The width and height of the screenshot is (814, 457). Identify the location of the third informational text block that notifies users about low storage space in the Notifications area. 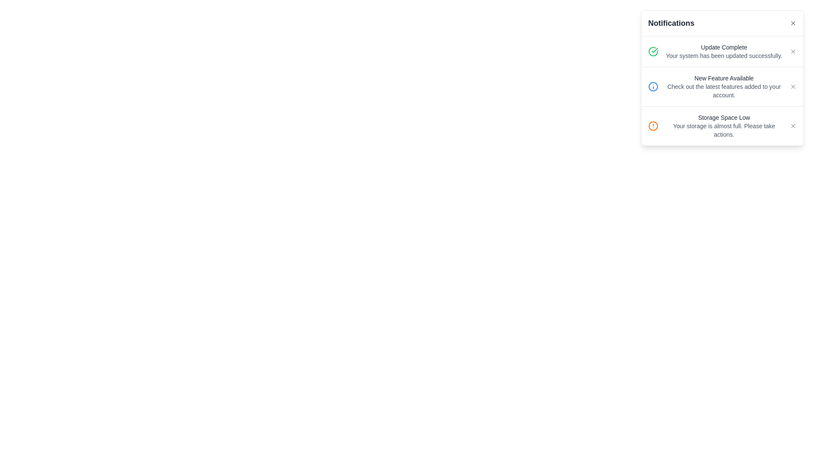
(724, 126).